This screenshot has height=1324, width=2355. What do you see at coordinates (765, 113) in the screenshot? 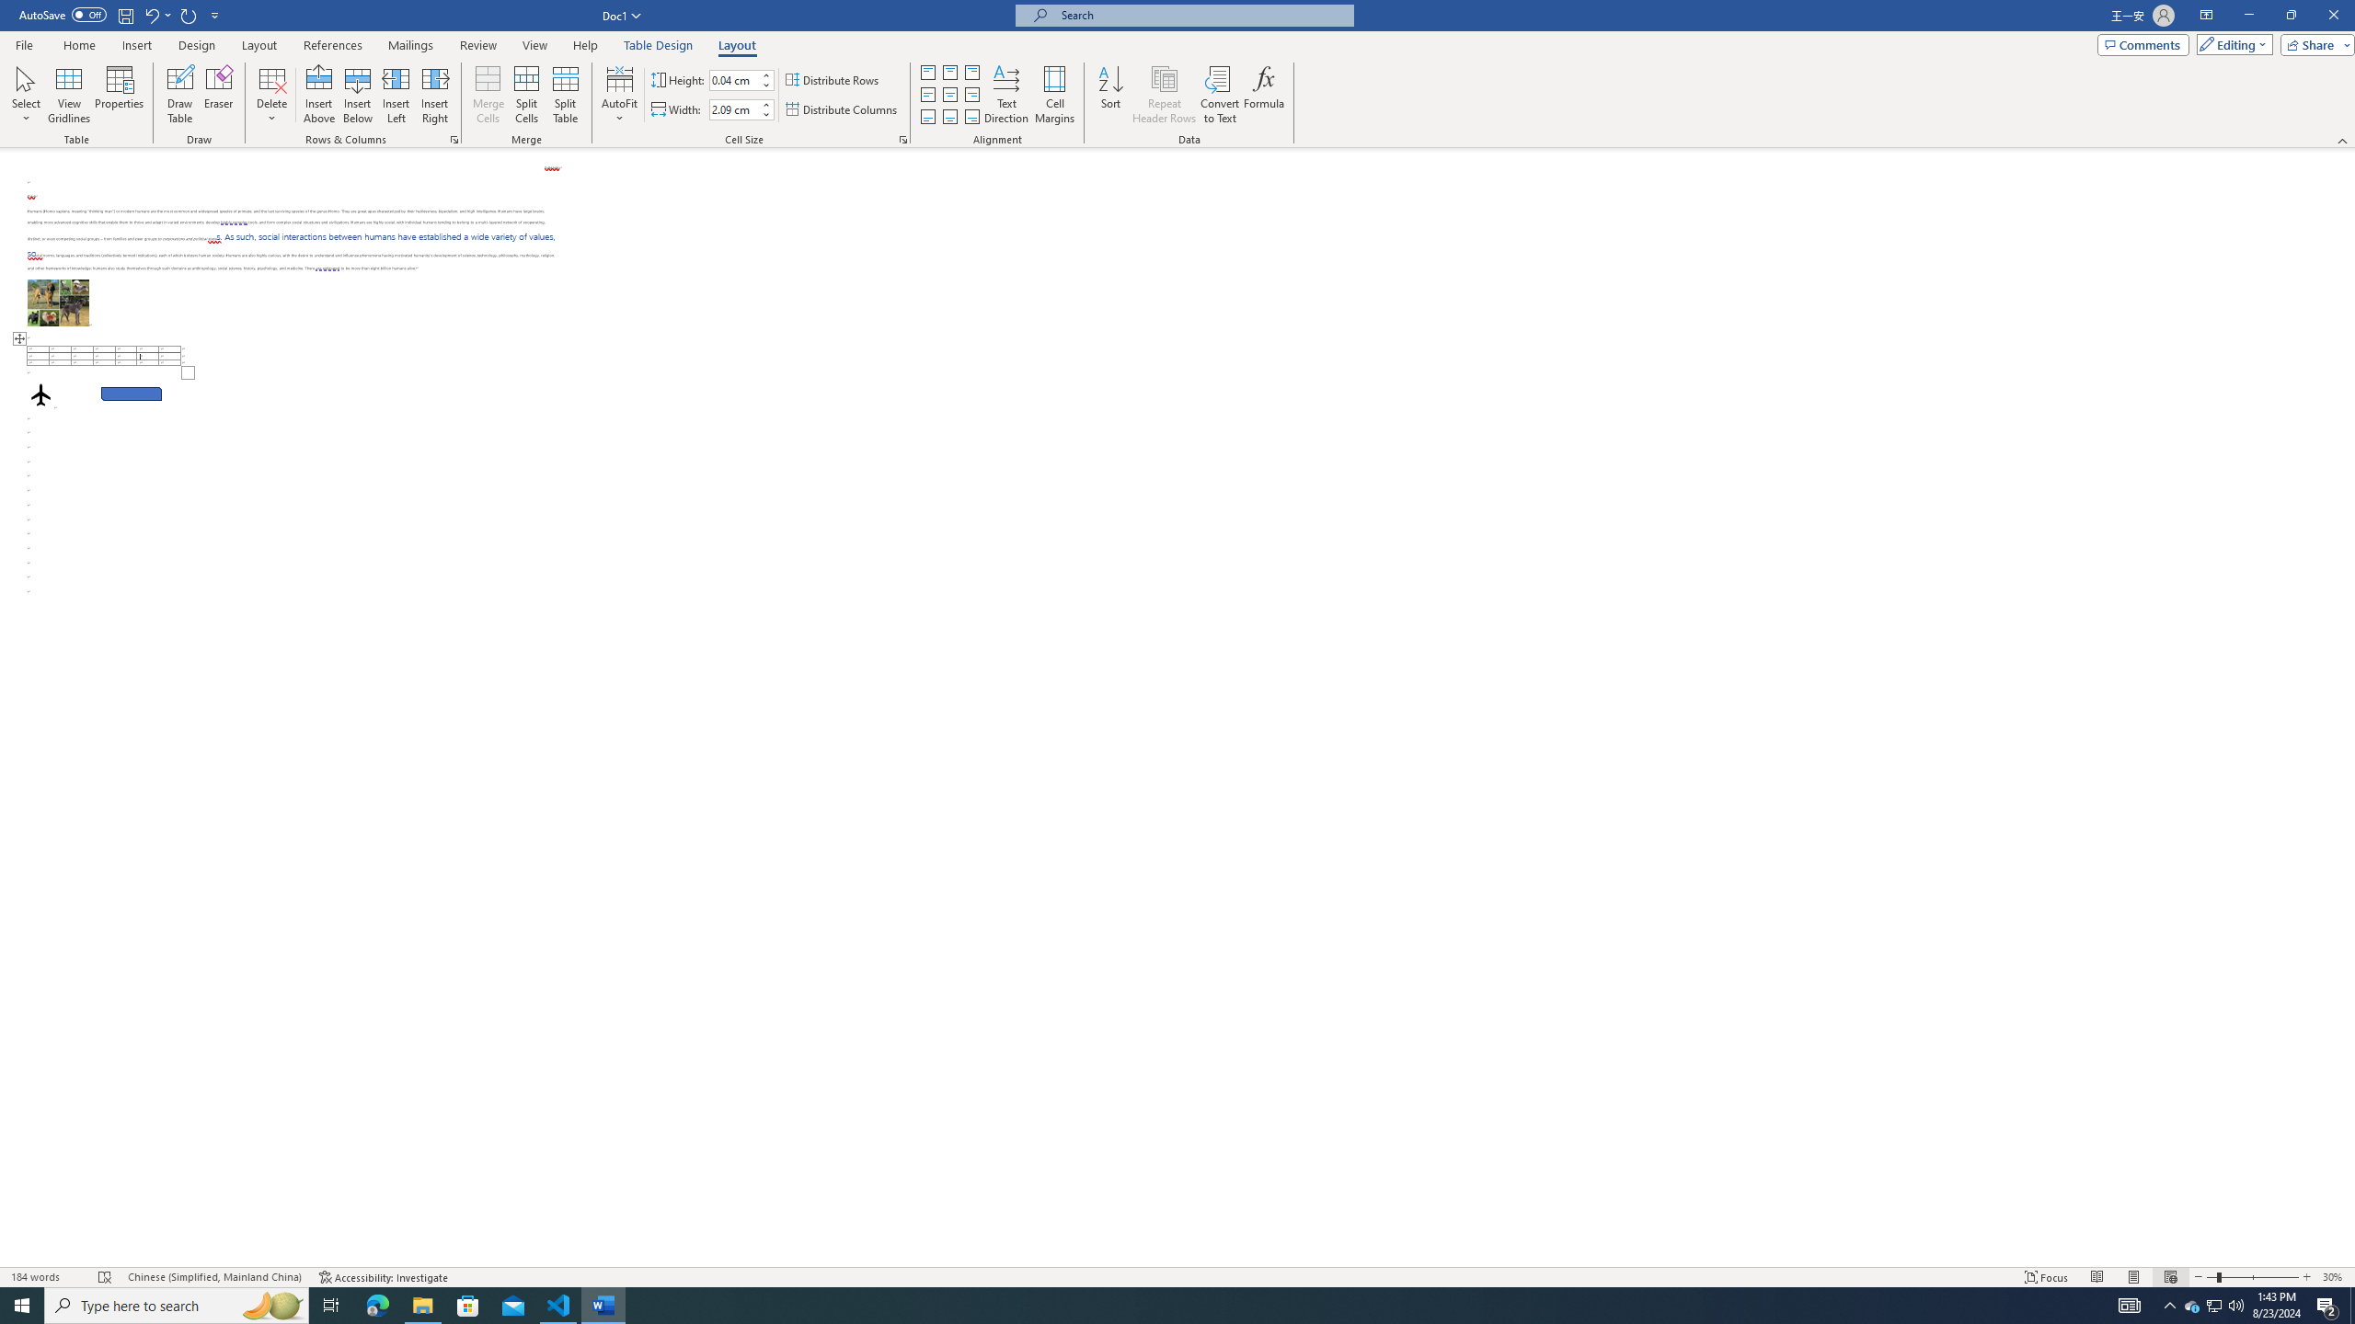
I see `'Less'` at bounding box center [765, 113].